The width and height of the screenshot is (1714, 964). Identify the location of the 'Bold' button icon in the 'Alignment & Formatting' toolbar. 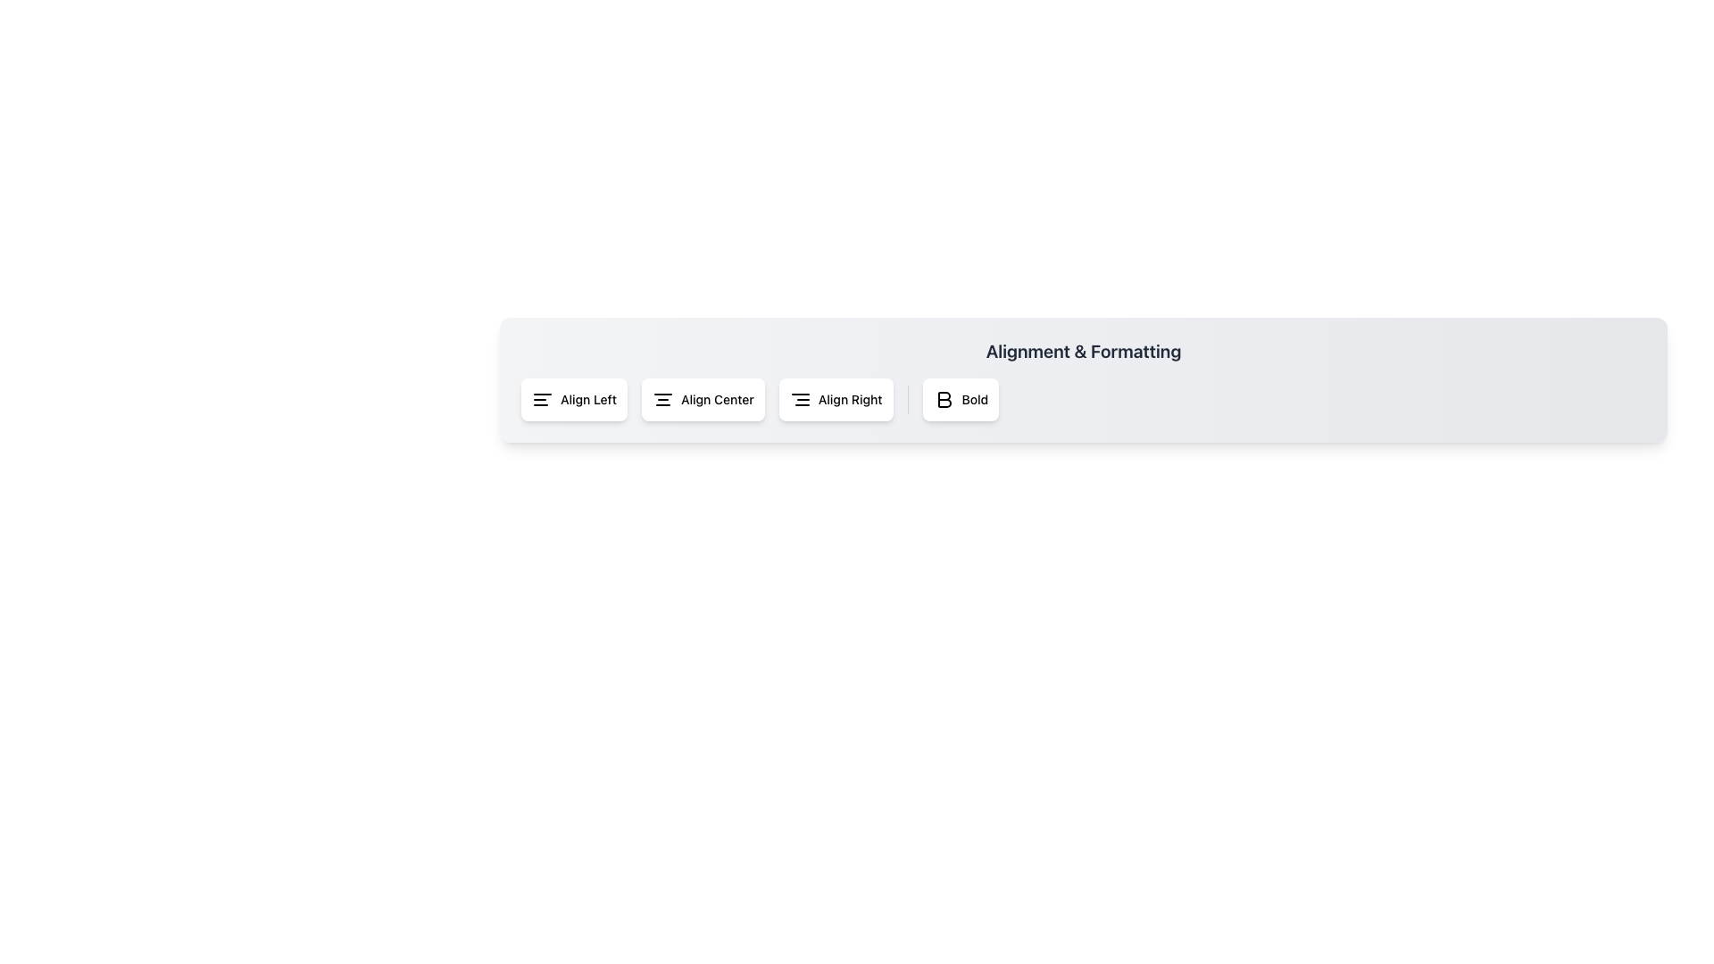
(944, 398).